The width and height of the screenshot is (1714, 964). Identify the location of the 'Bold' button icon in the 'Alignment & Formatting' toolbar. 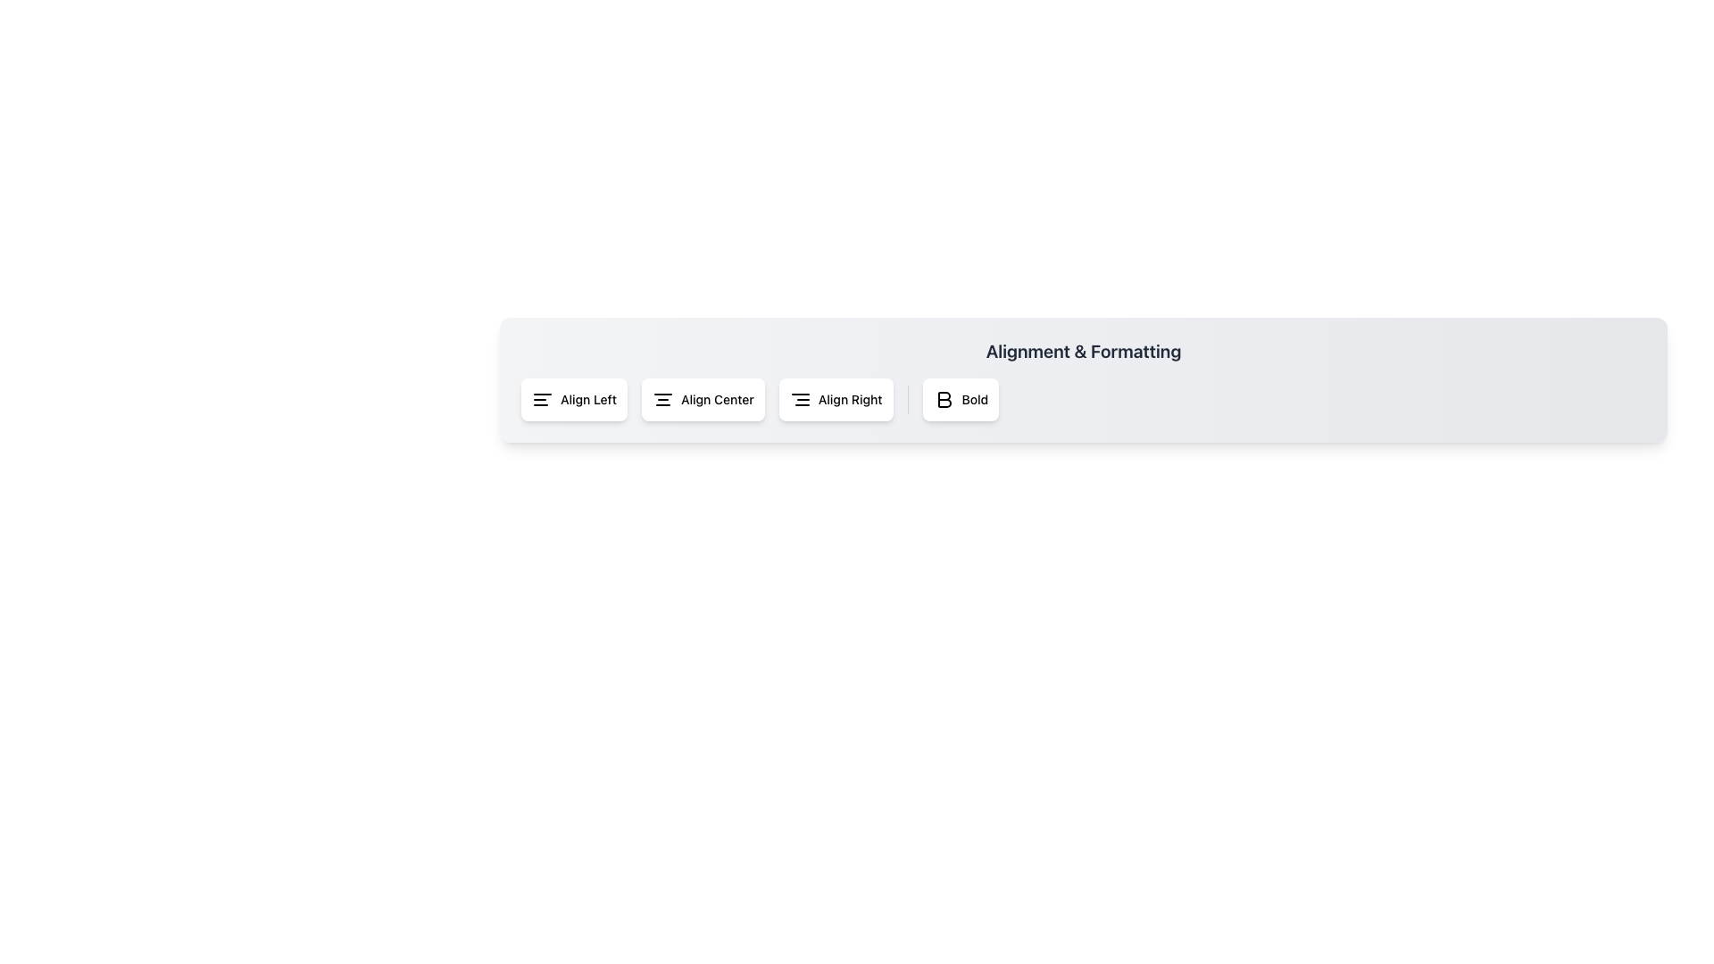
(944, 398).